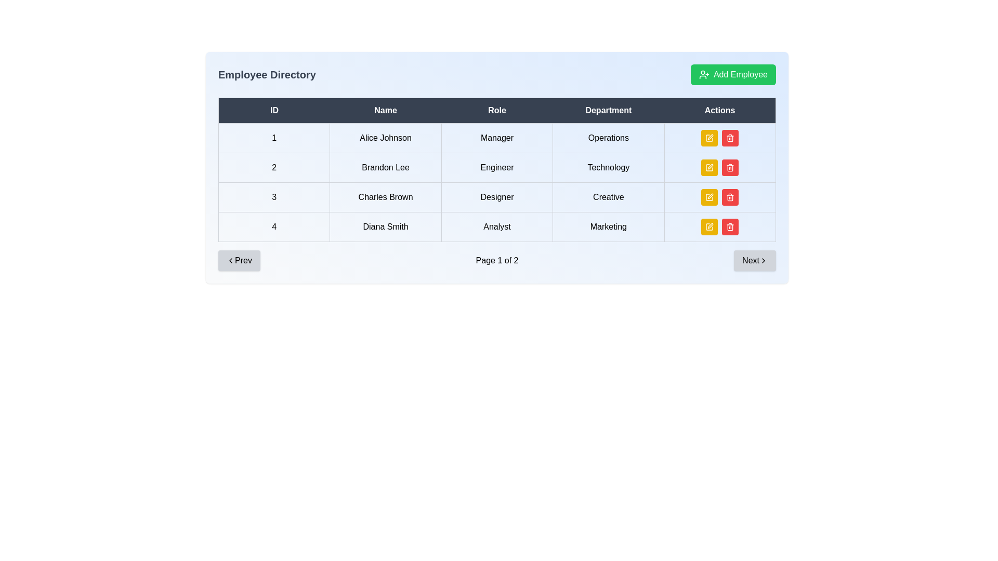 The image size is (998, 561). Describe the element at coordinates (709, 138) in the screenshot. I see `the yellow button with a pen icon in the 'Actions' column for 'Alice Johnson'` at that location.